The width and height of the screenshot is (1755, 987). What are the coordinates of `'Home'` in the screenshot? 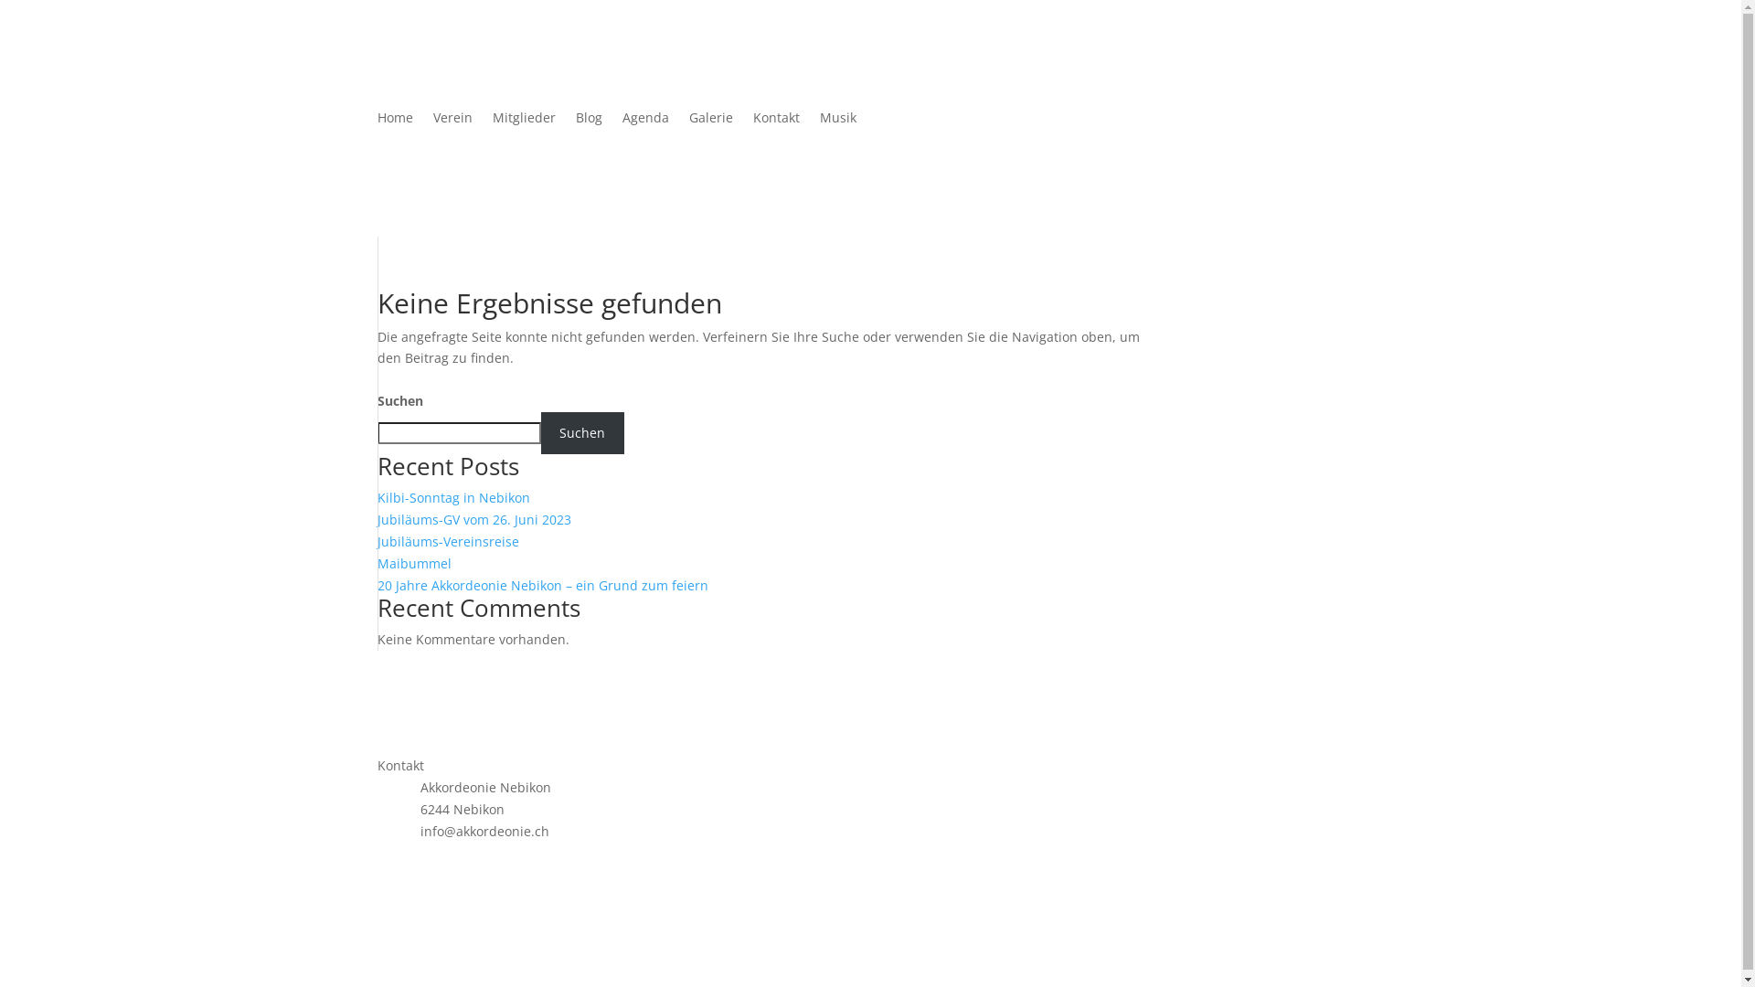 It's located at (393, 121).